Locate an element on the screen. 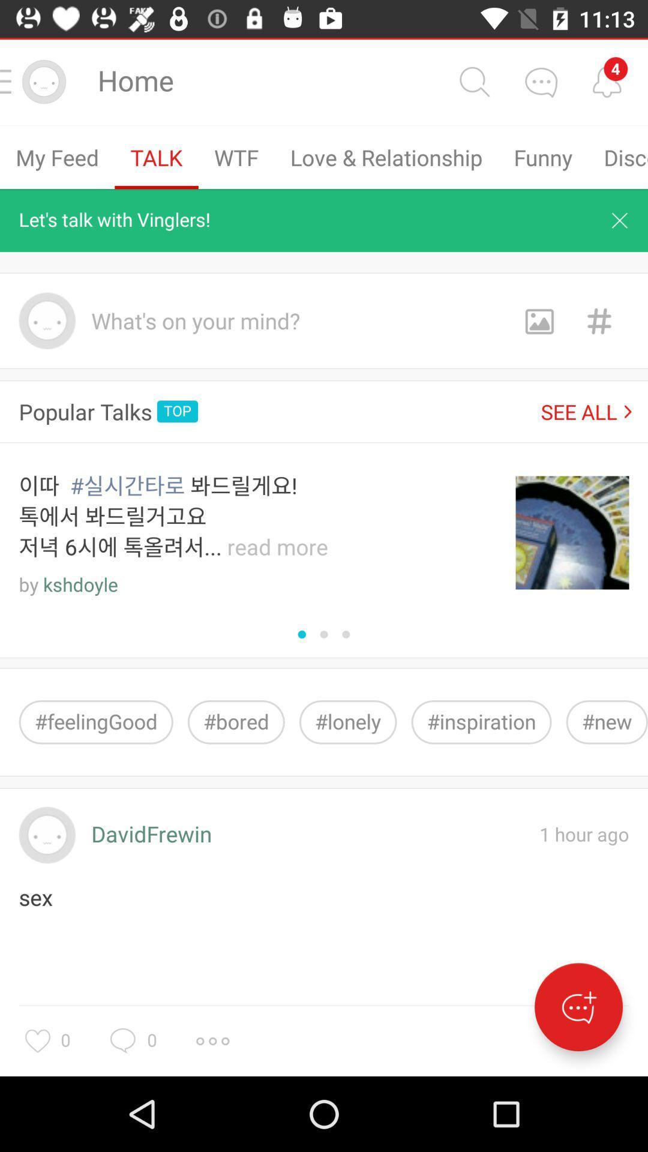  the chat icon is located at coordinates (578, 1007).